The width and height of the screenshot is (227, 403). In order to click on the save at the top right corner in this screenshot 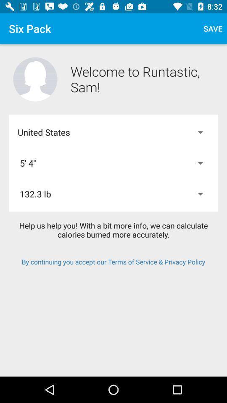, I will do `click(212, 29)`.